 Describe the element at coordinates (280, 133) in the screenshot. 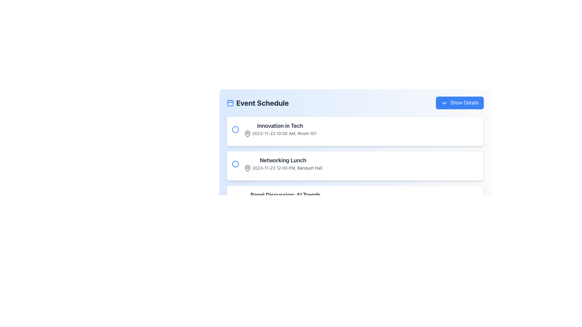

I see `the text display element providing details about the schedule or location of an event, located below the 'Innovation in Tech' title in the first event block of the 'Event Schedule'` at that location.